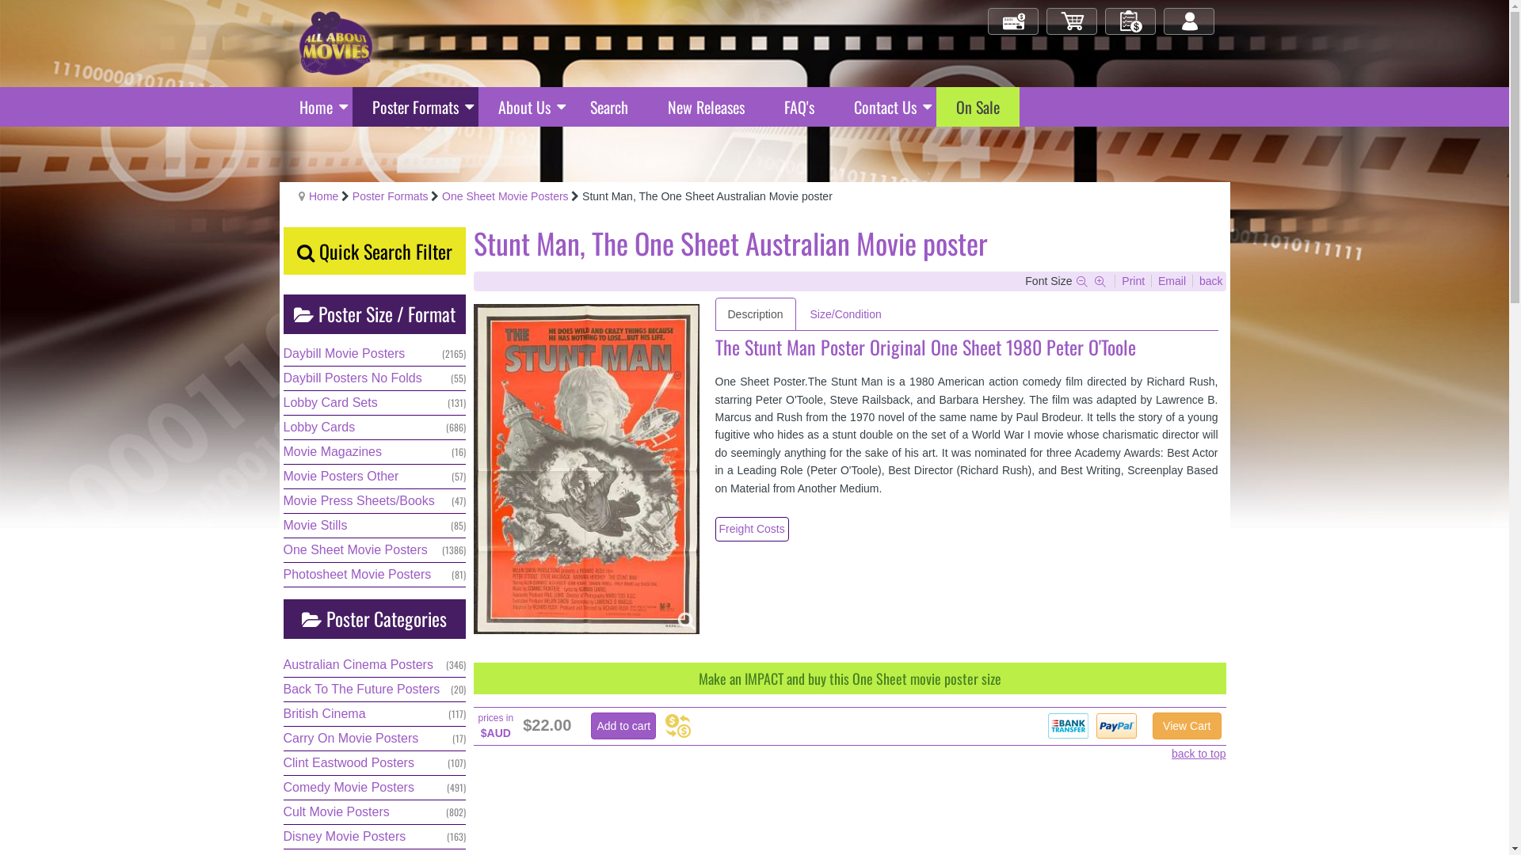  I want to click on 'back to top', so click(1199, 753).